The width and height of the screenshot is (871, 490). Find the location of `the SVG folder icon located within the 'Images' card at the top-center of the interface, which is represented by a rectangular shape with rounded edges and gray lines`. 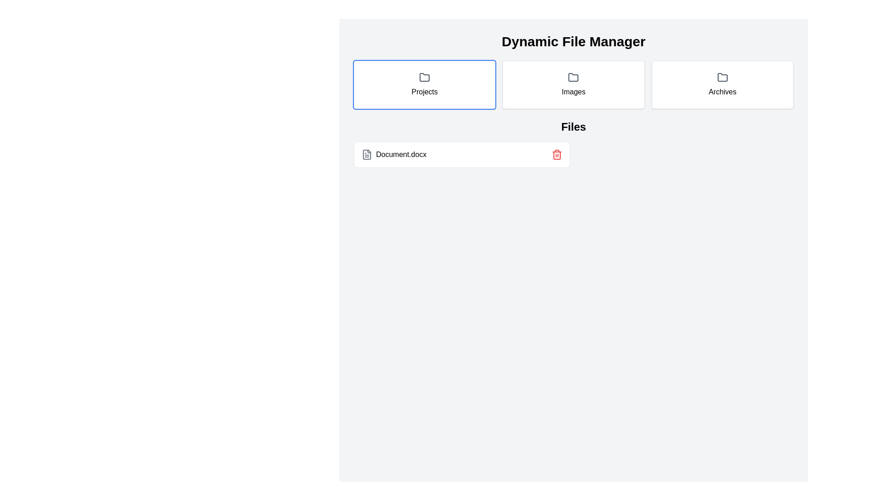

the SVG folder icon located within the 'Images' card at the top-center of the interface, which is represented by a rectangular shape with rounded edges and gray lines is located at coordinates (573, 77).